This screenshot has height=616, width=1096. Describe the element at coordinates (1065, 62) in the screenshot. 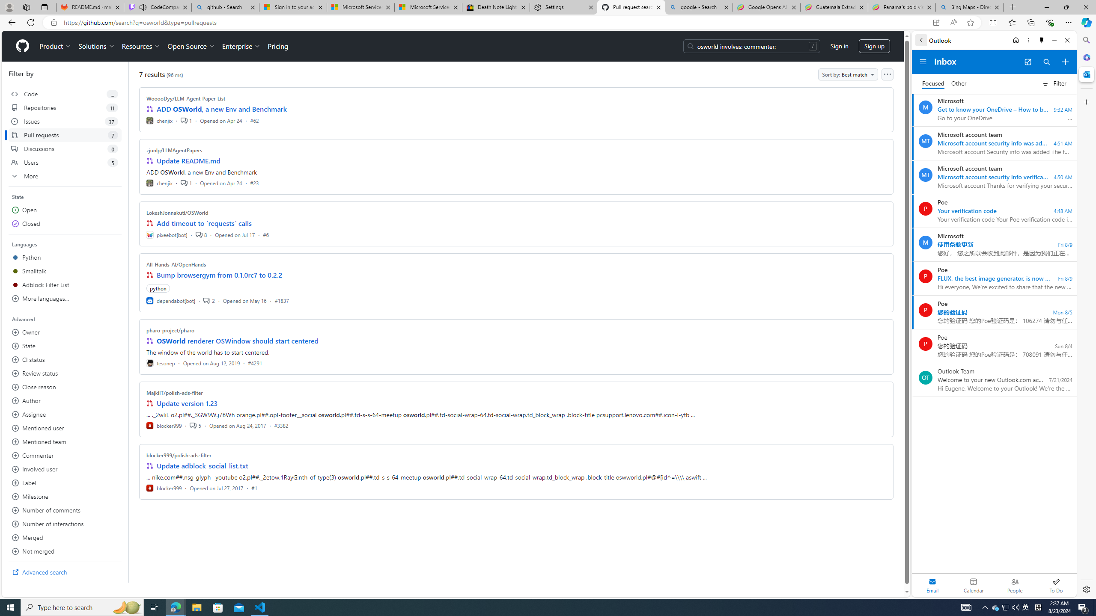

I see `'Compose new mail'` at that location.